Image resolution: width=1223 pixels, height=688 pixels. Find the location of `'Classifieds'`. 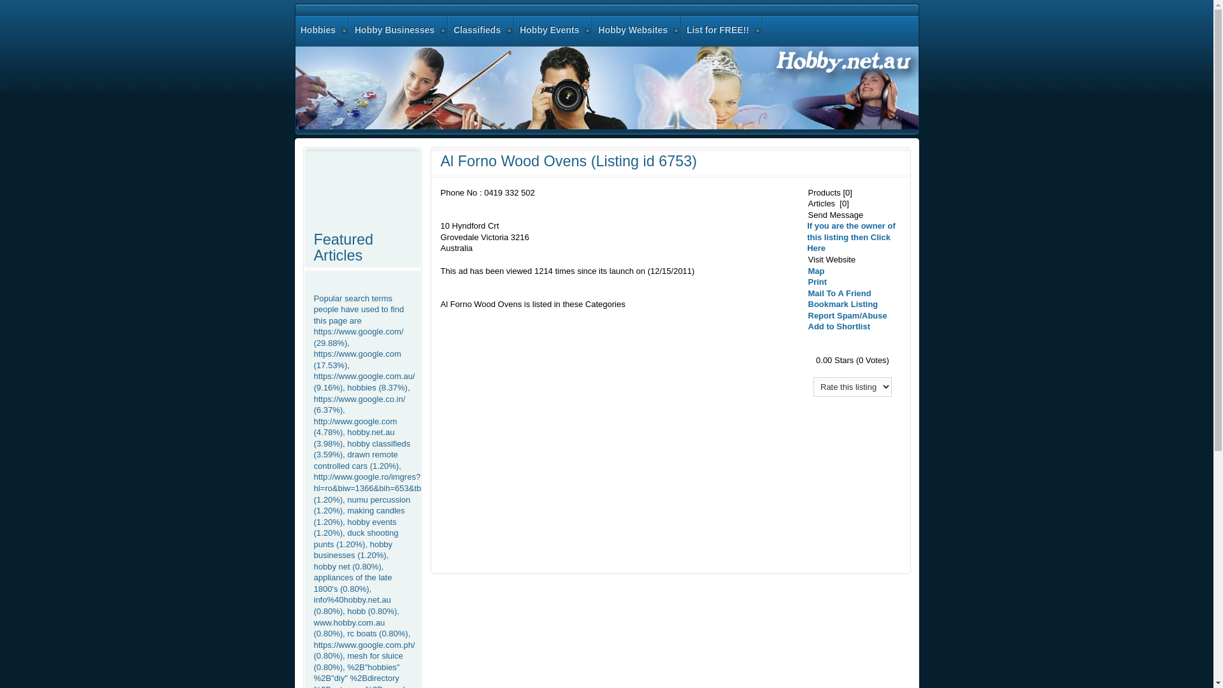

'Classifieds' is located at coordinates (480, 30).